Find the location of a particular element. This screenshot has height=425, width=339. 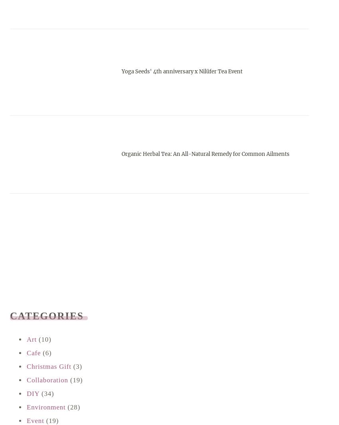

'Art' is located at coordinates (32, 339).